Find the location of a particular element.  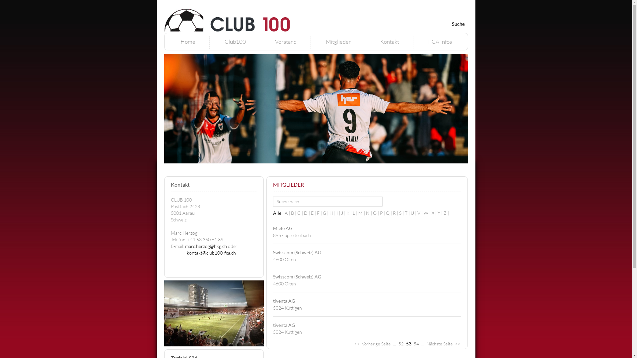

'F' is located at coordinates (316, 213).